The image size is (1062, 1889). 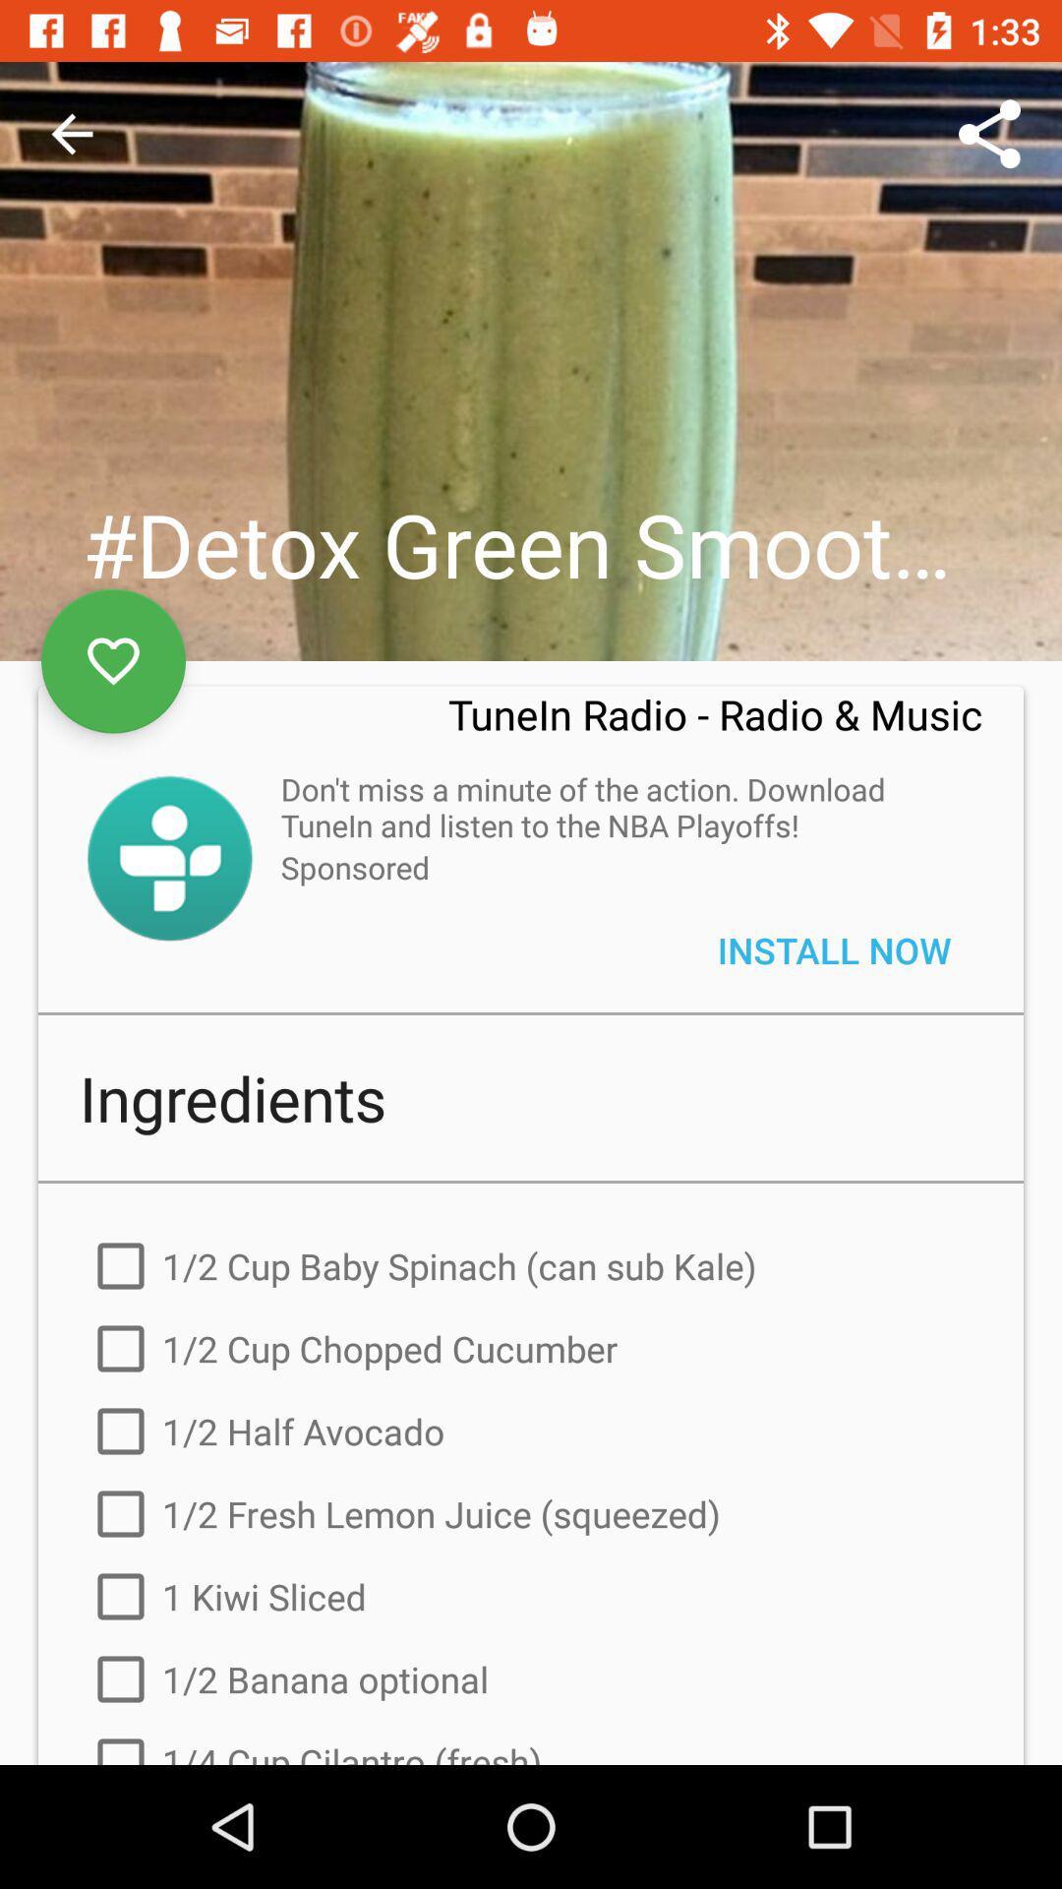 What do you see at coordinates (113, 661) in the screenshot?
I see `item next to tunein radio radio icon` at bounding box center [113, 661].